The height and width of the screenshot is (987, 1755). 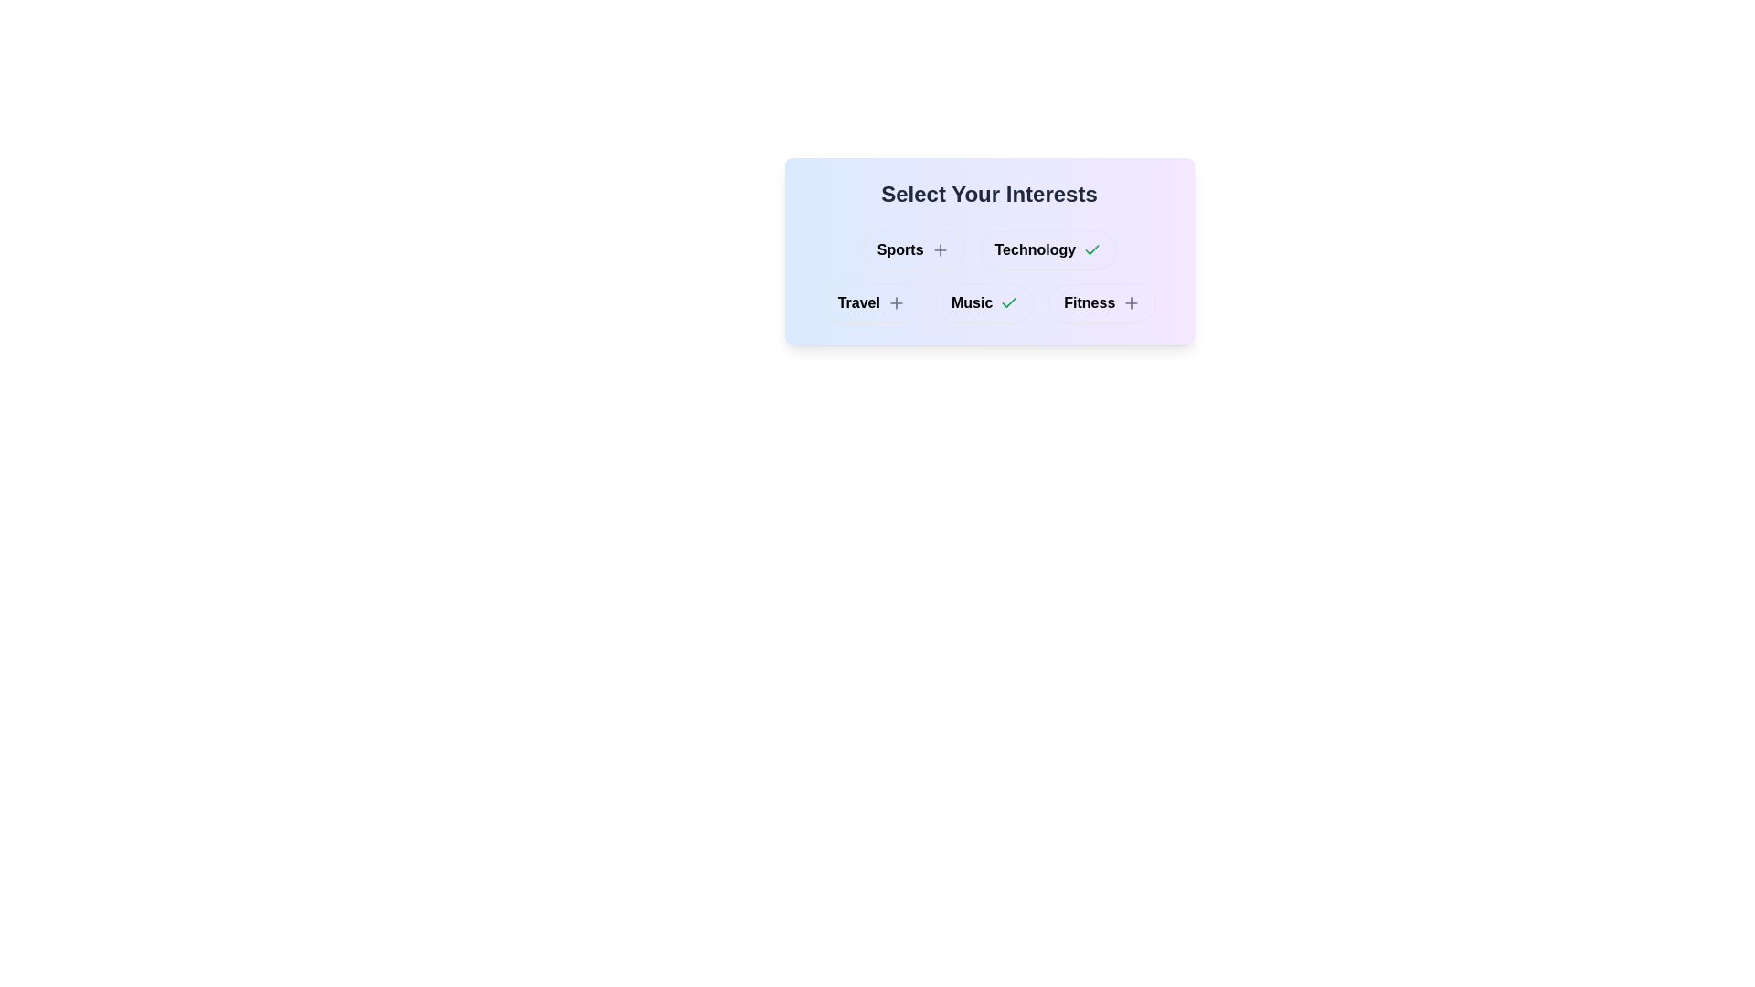 I want to click on the button labeled Fitness to observe visual changes, so click(x=1101, y=302).